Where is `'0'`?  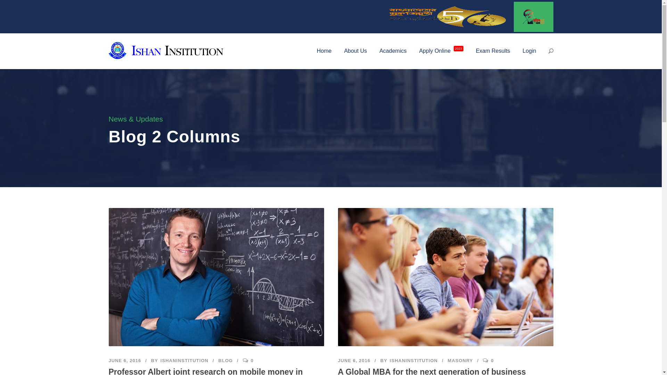 '0' is located at coordinates (490, 360).